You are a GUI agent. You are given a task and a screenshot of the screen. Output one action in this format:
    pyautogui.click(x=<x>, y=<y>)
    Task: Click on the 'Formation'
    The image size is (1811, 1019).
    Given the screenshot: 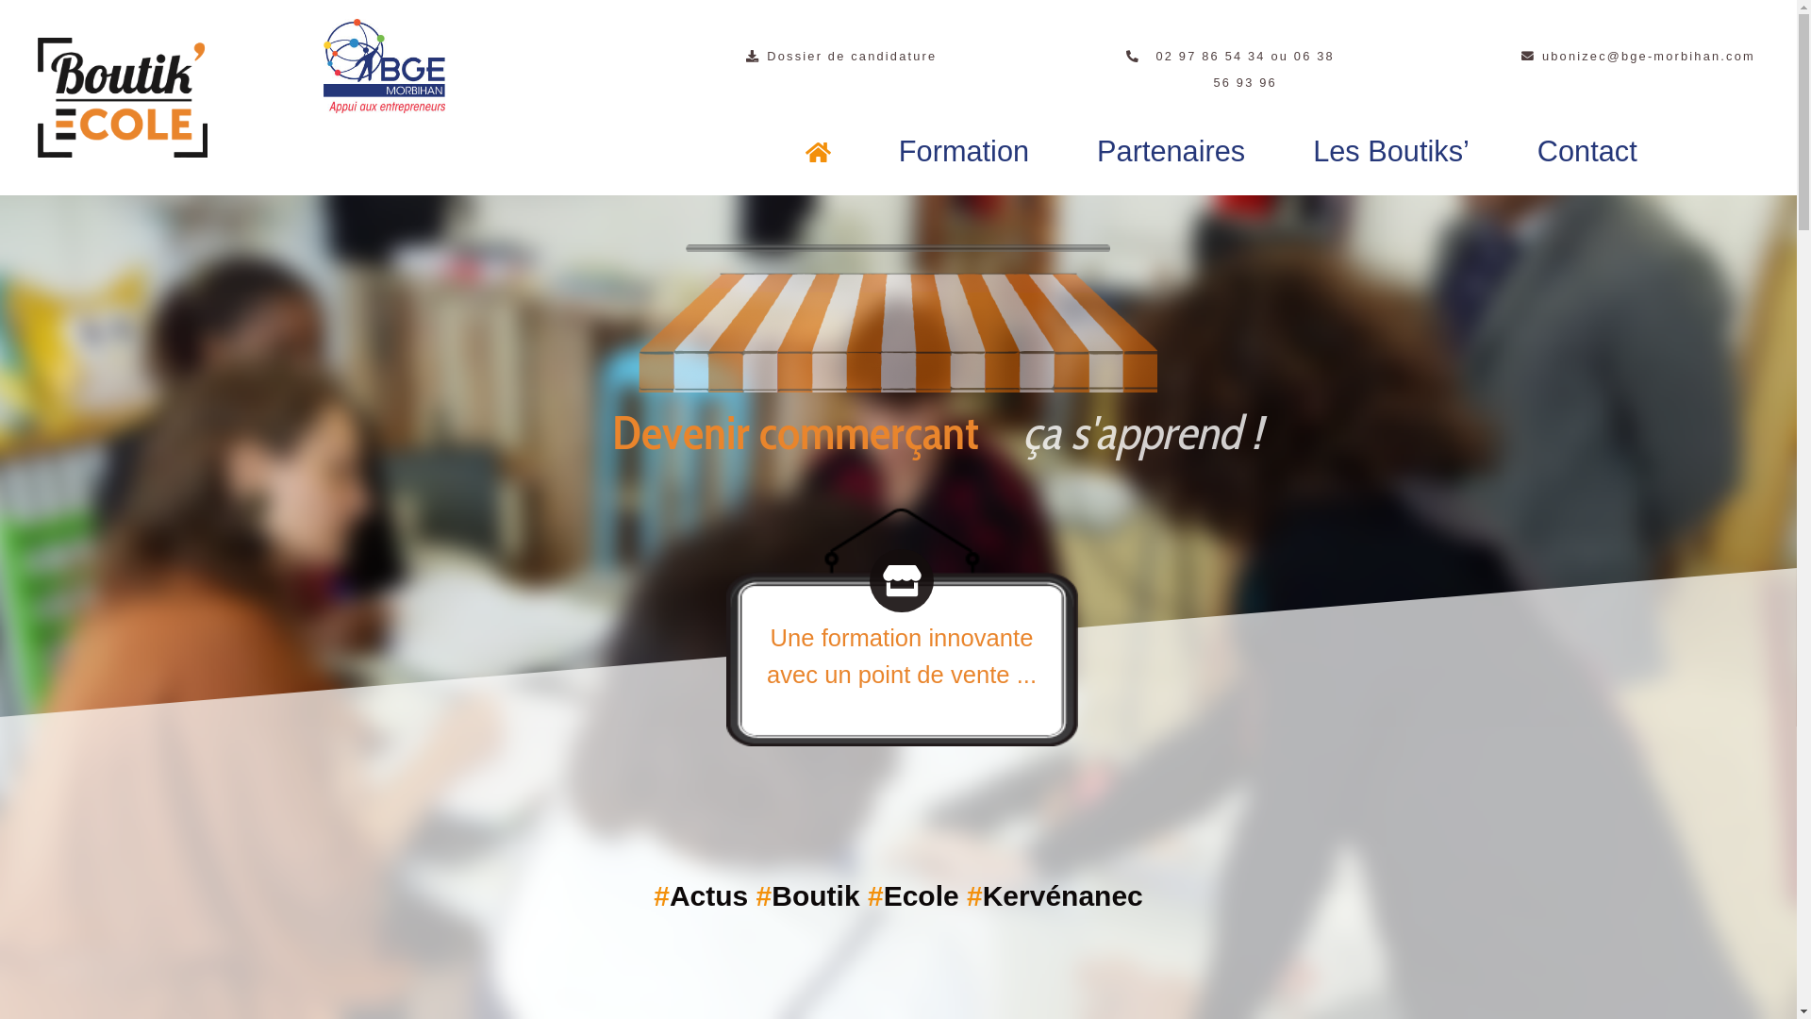 What is the action you would take?
    pyautogui.click(x=964, y=151)
    